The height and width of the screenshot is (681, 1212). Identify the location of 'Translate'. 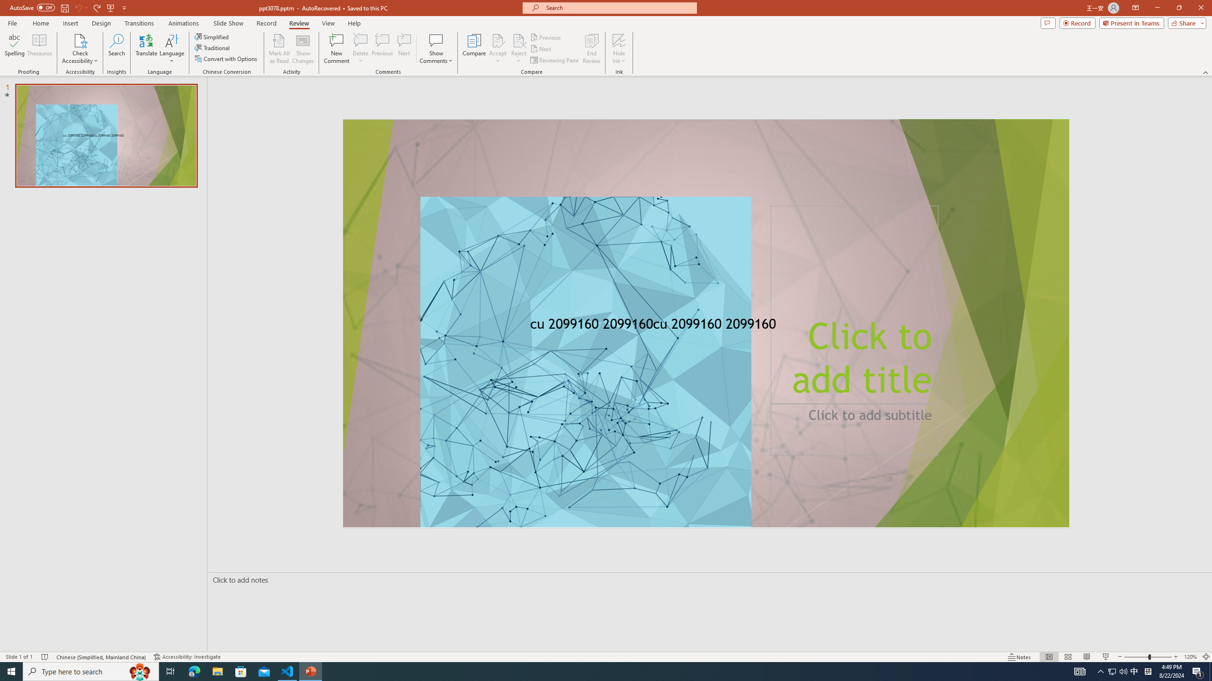
(146, 49).